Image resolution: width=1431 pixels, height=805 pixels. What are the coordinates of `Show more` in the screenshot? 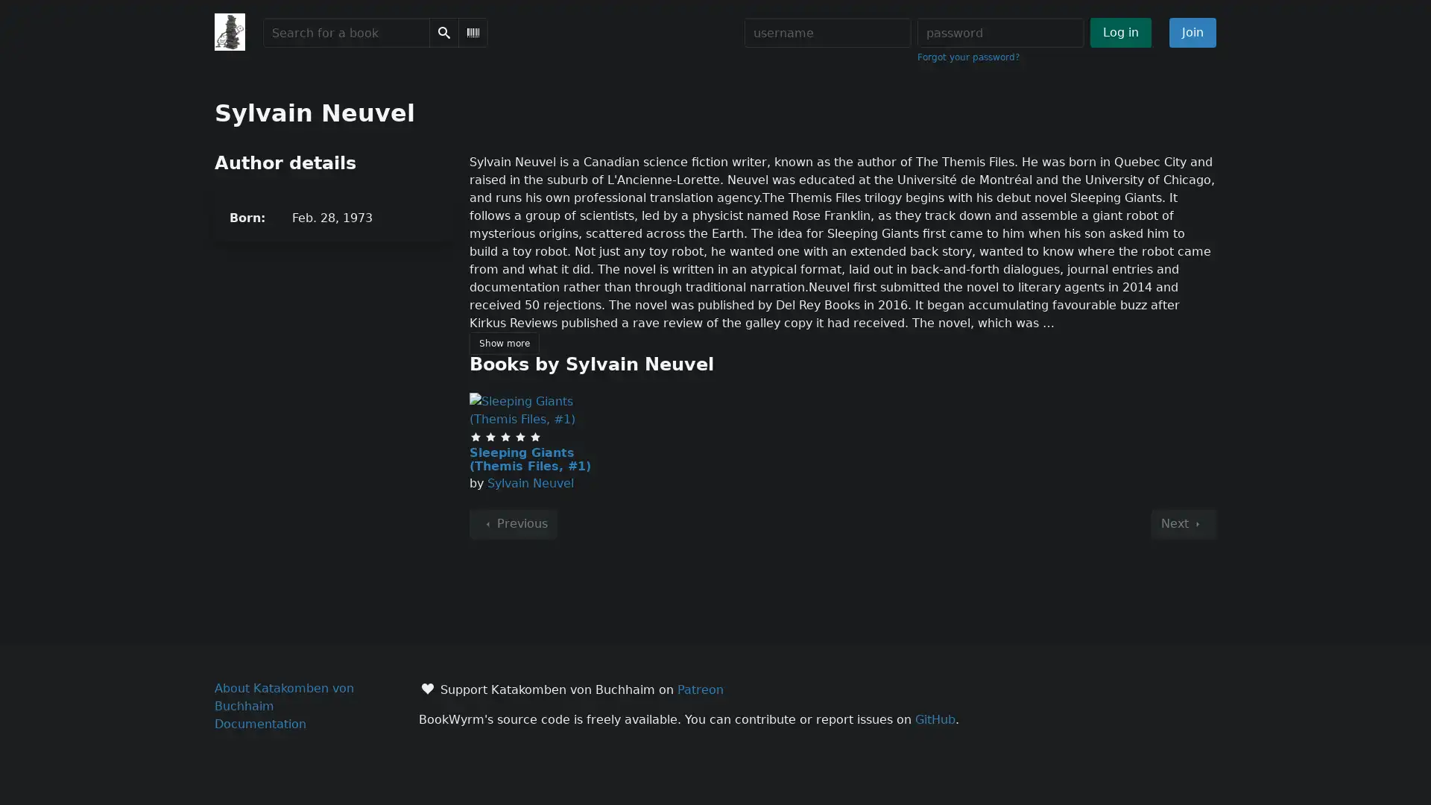 It's located at (504, 344).